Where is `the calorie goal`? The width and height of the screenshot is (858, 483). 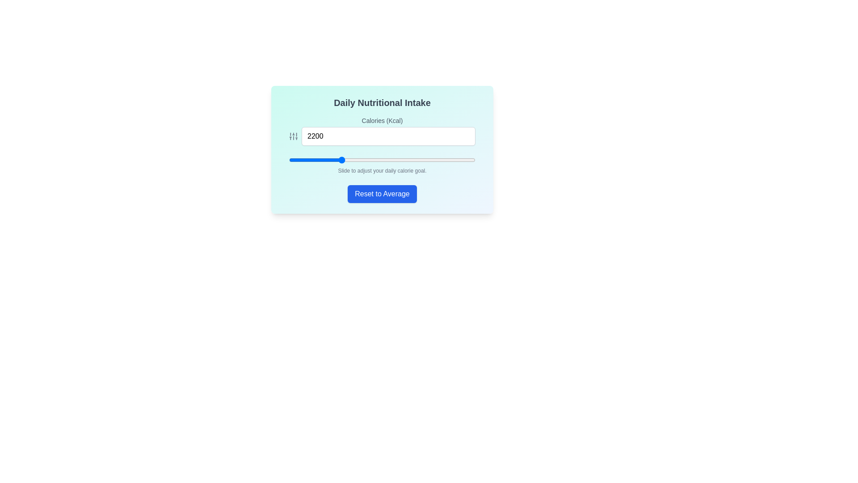
the calorie goal is located at coordinates (336, 160).